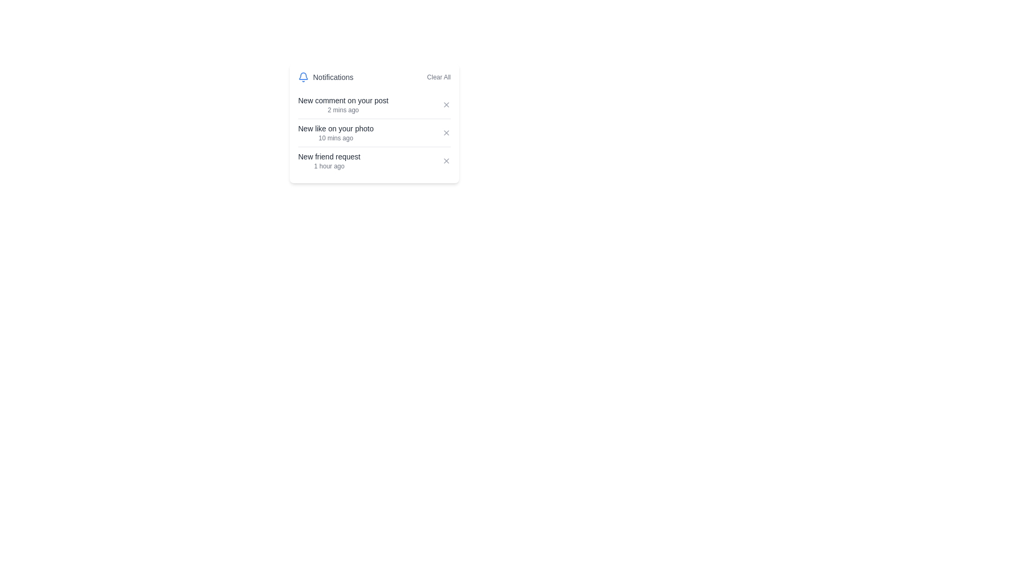  What do you see at coordinates (328, 157) in the screenshot?
I see `text displayed in the first line of the third notification entry about a new friend request notification, which is located directly above the timestamp '1 hour ago'` at bounding box center [328, 157].